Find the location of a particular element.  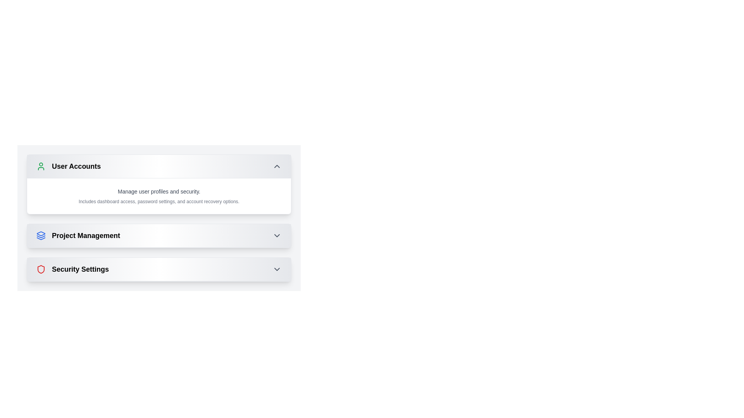

descriptive content of the 'User Accounts' card element, which is the first card in a vertical list providing access to manage user profiles, security settings, and account recovery is located at coordinates (158, 184).